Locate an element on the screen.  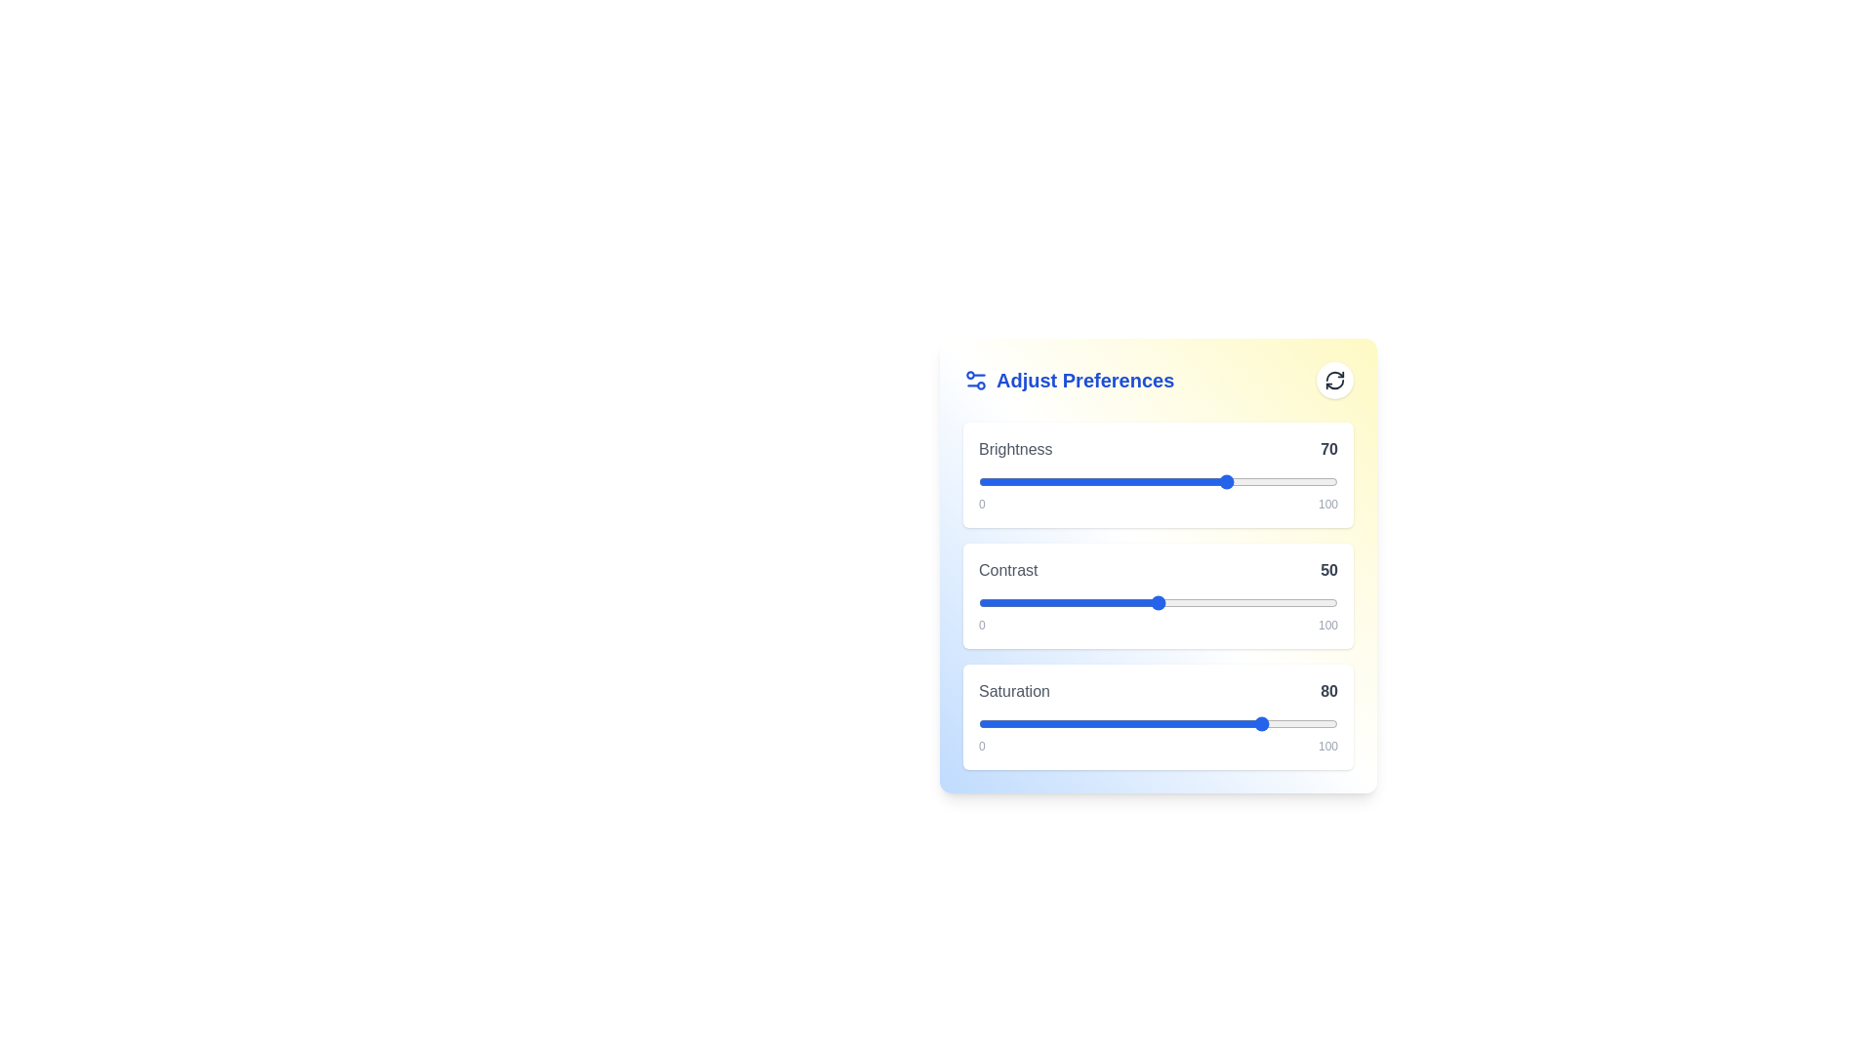
the text label displaying '0' which indicates the minimum value of the 'Brightness' slider, positioned at the lower-left of the slider control is located at coordinates (982, 503).